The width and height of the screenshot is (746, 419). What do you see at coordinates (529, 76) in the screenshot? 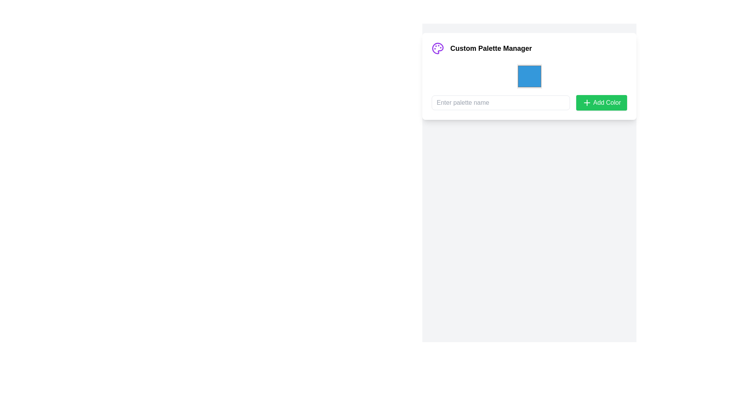
I see `the color picker in the custom palette manager interface` at bounding box center [529, 76].